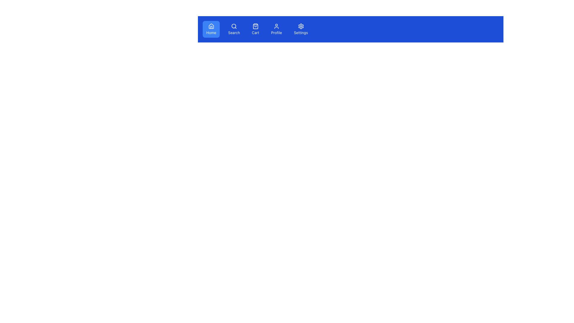 The height and width of the screenshot is (323, 574). Describe the element at coordinates (233, 26) in the screenshot. I see `the search icon, which resembles a magnifying glass and is located in the navigation bar labeled 'Search'` at that location.